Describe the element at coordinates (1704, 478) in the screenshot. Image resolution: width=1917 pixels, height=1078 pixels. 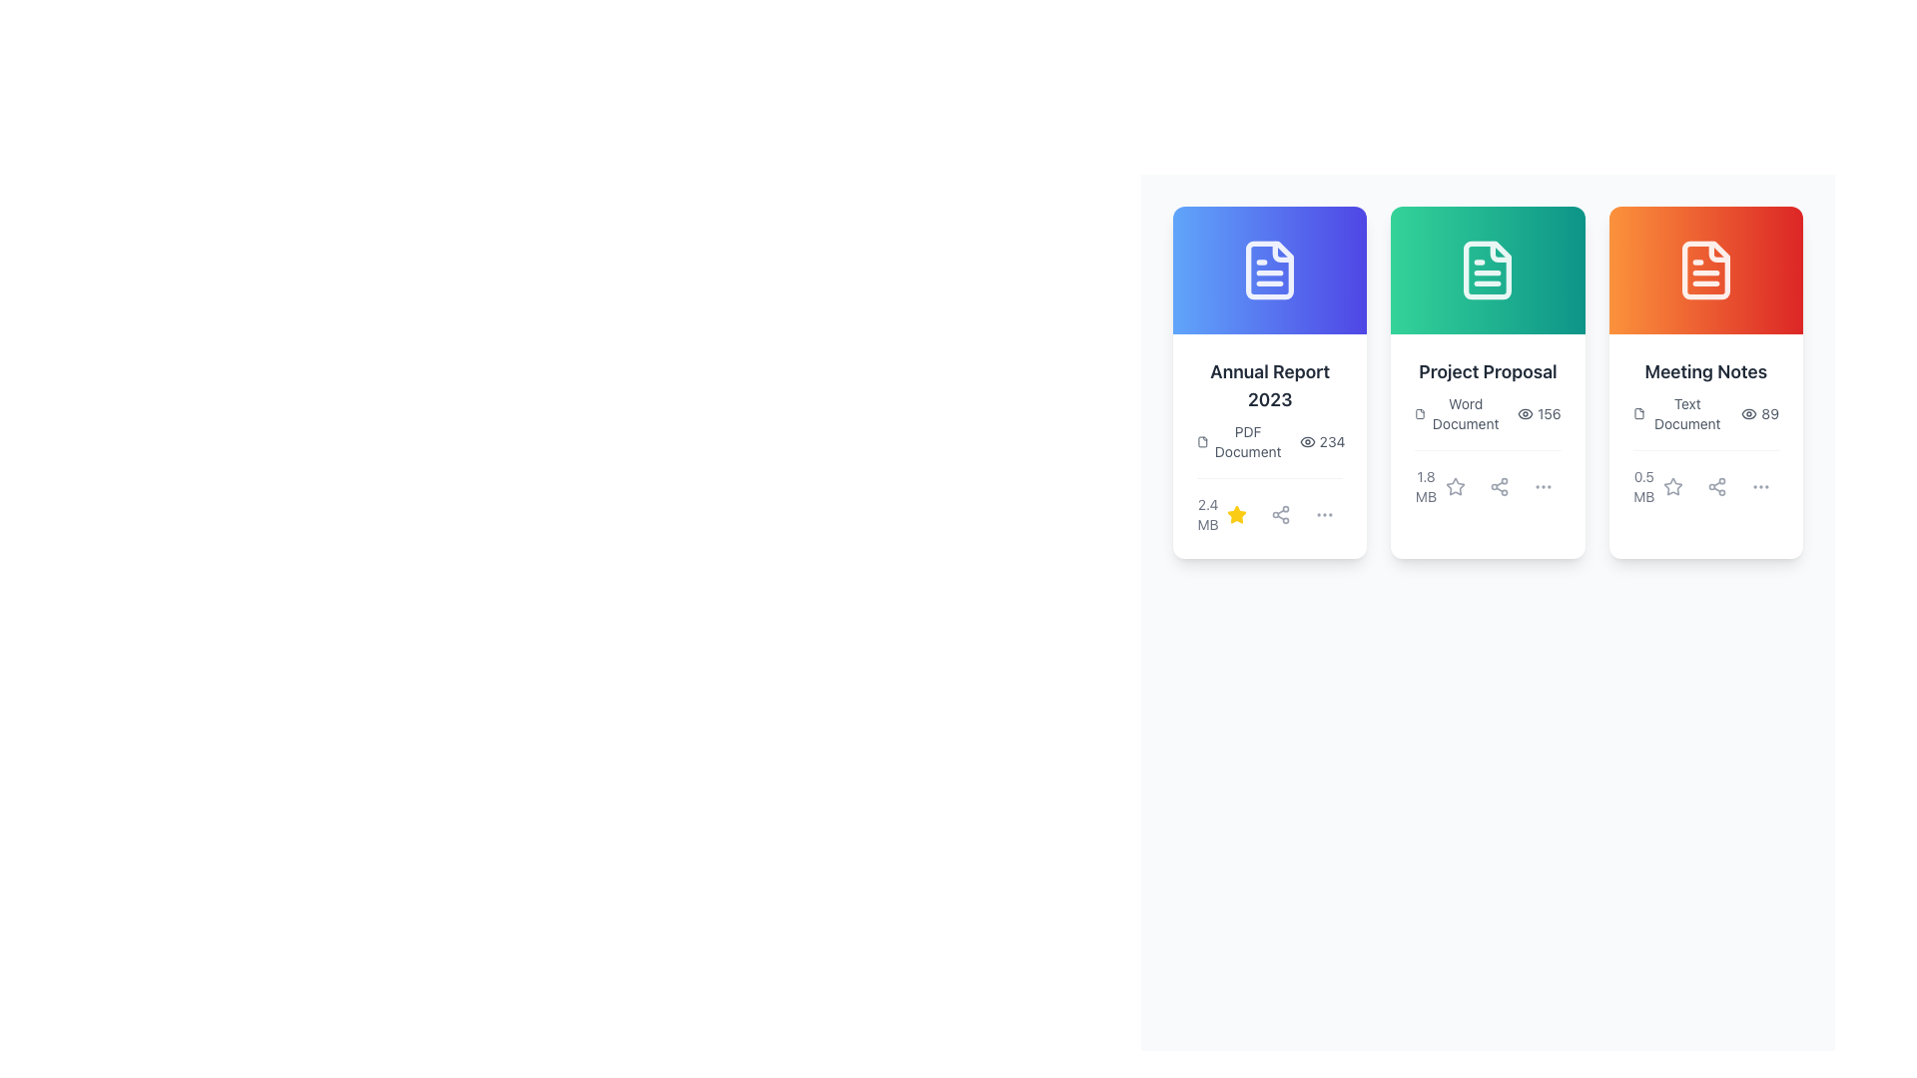
I see `the 'Share' icon located to the right of the 'Star' icon and to the left of the three-dot menu icon in the bottom section of the 'Meeting Notes' card to initiate sharing functionality` at that location.